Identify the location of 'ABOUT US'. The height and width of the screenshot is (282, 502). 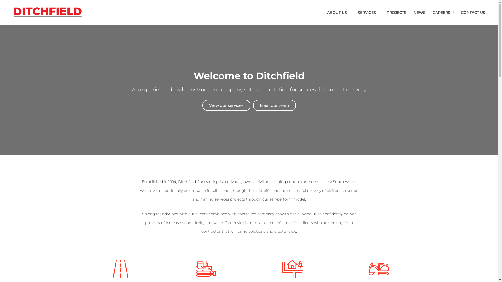
(339, 12).